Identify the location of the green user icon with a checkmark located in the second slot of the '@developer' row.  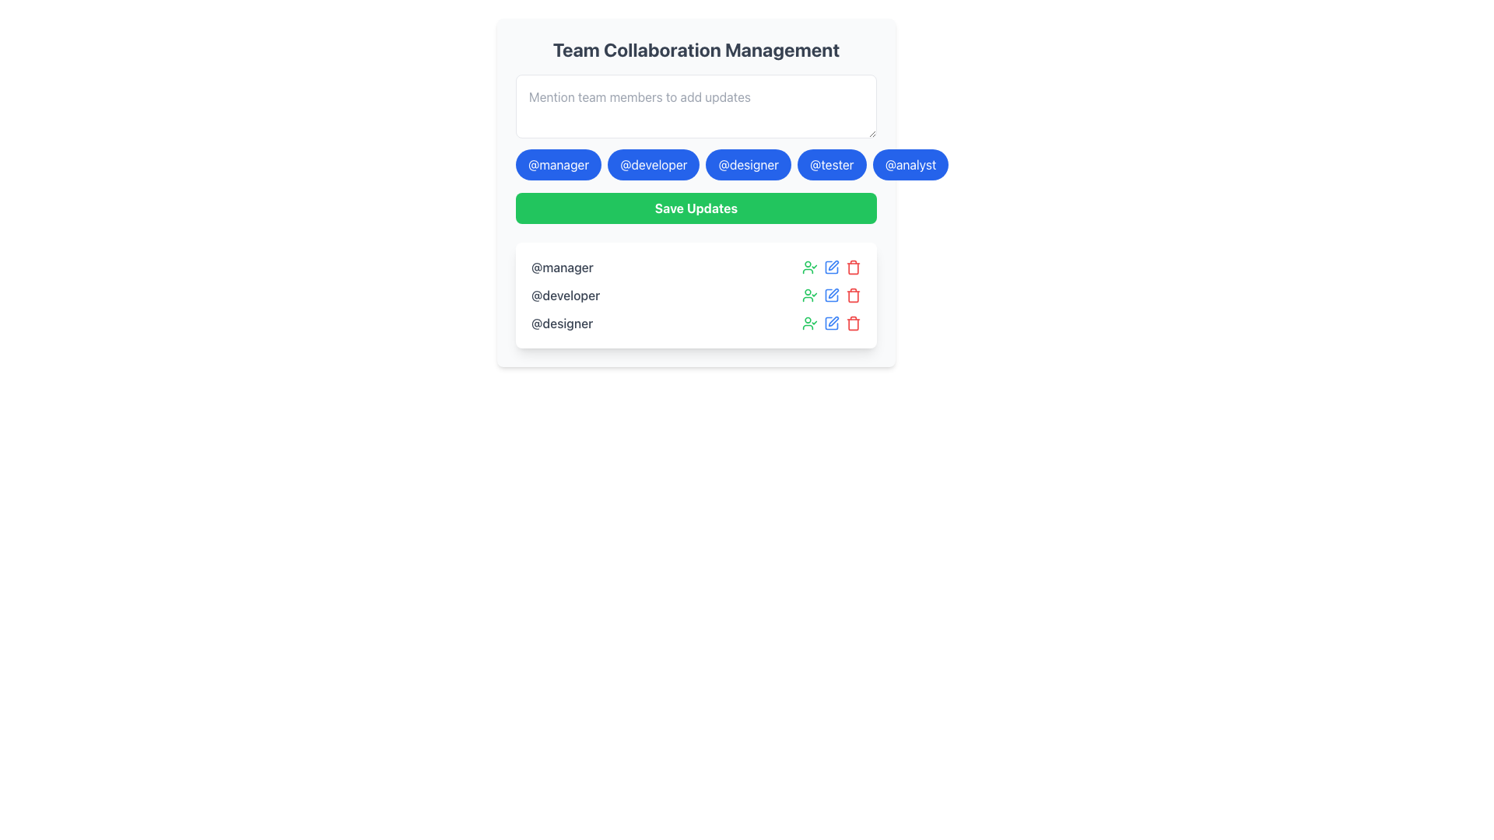
(809, 296).